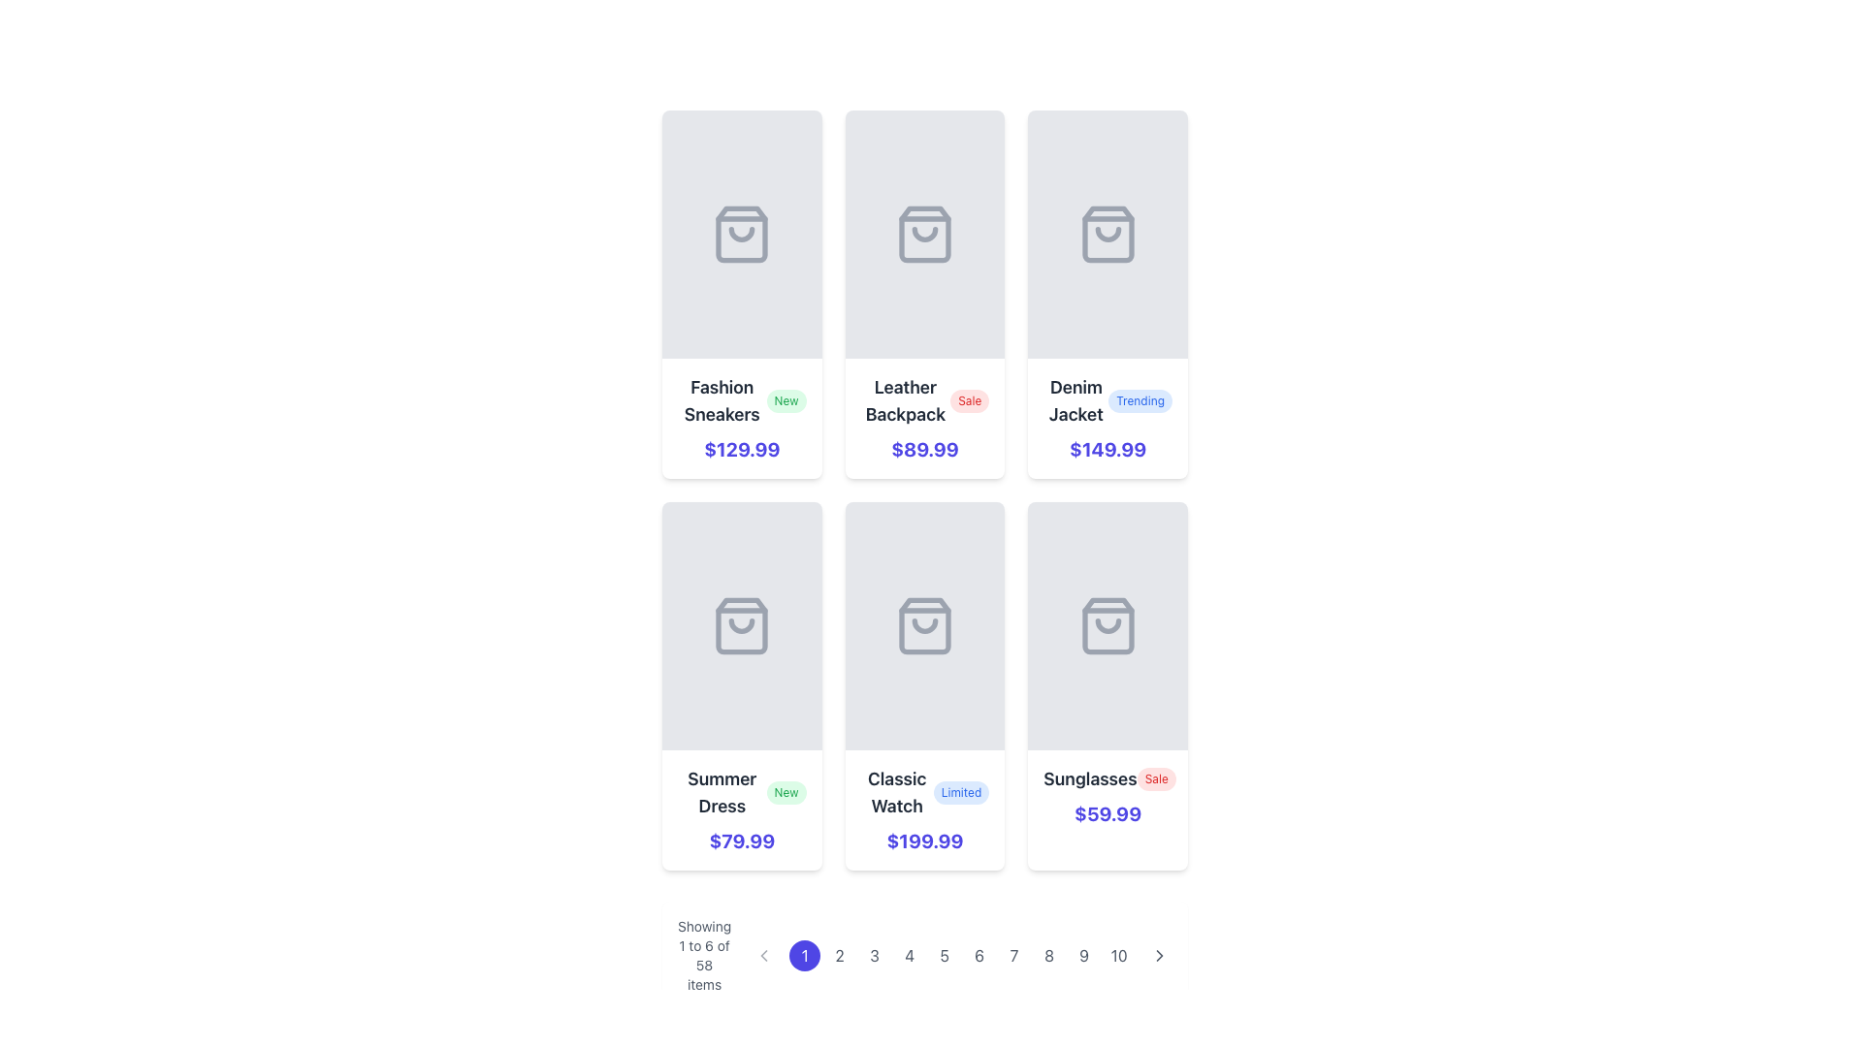  What do you see at coordinates (721, 399) in the screenshot?
I see `text label displaying 'Fashion Sneakers' which is bold and prominently styled in dark gray, located in the first row and first column of the product layout` at bounding box center [721, 399].